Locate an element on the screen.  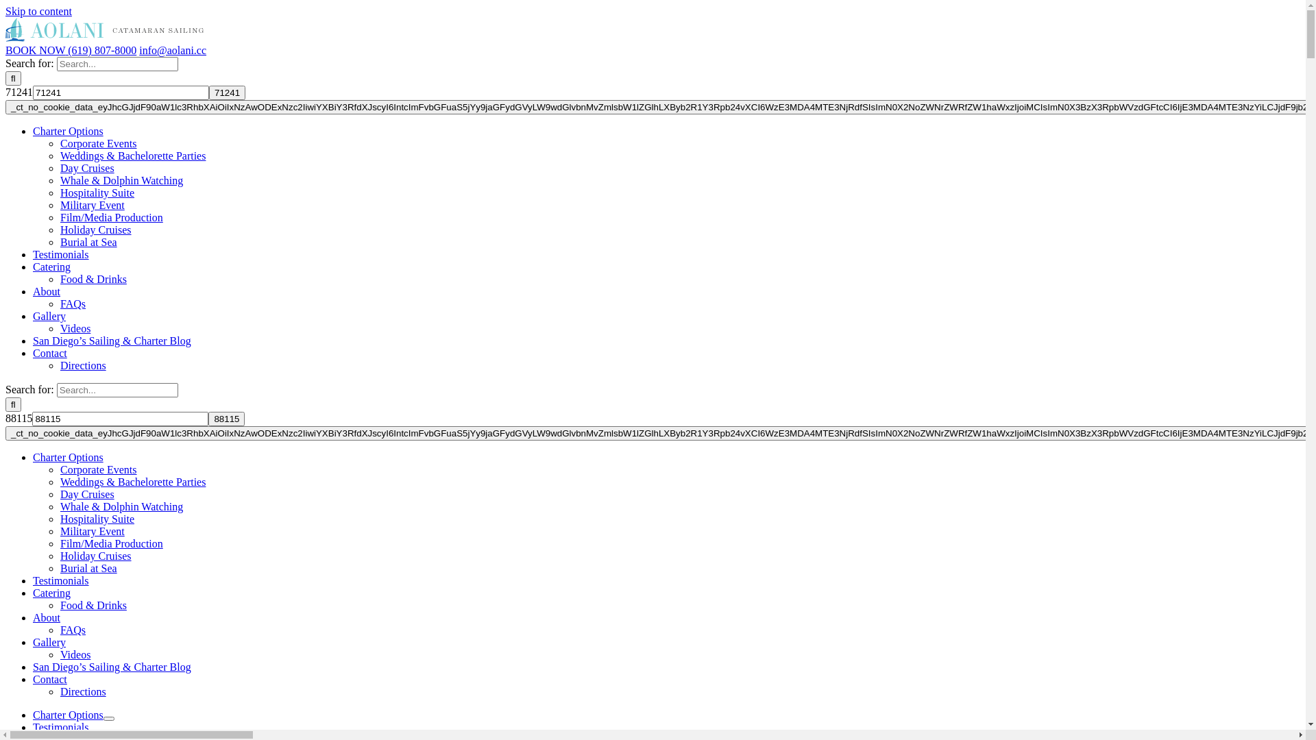
'BOOK NOW' is located at coordinates (35, 49).